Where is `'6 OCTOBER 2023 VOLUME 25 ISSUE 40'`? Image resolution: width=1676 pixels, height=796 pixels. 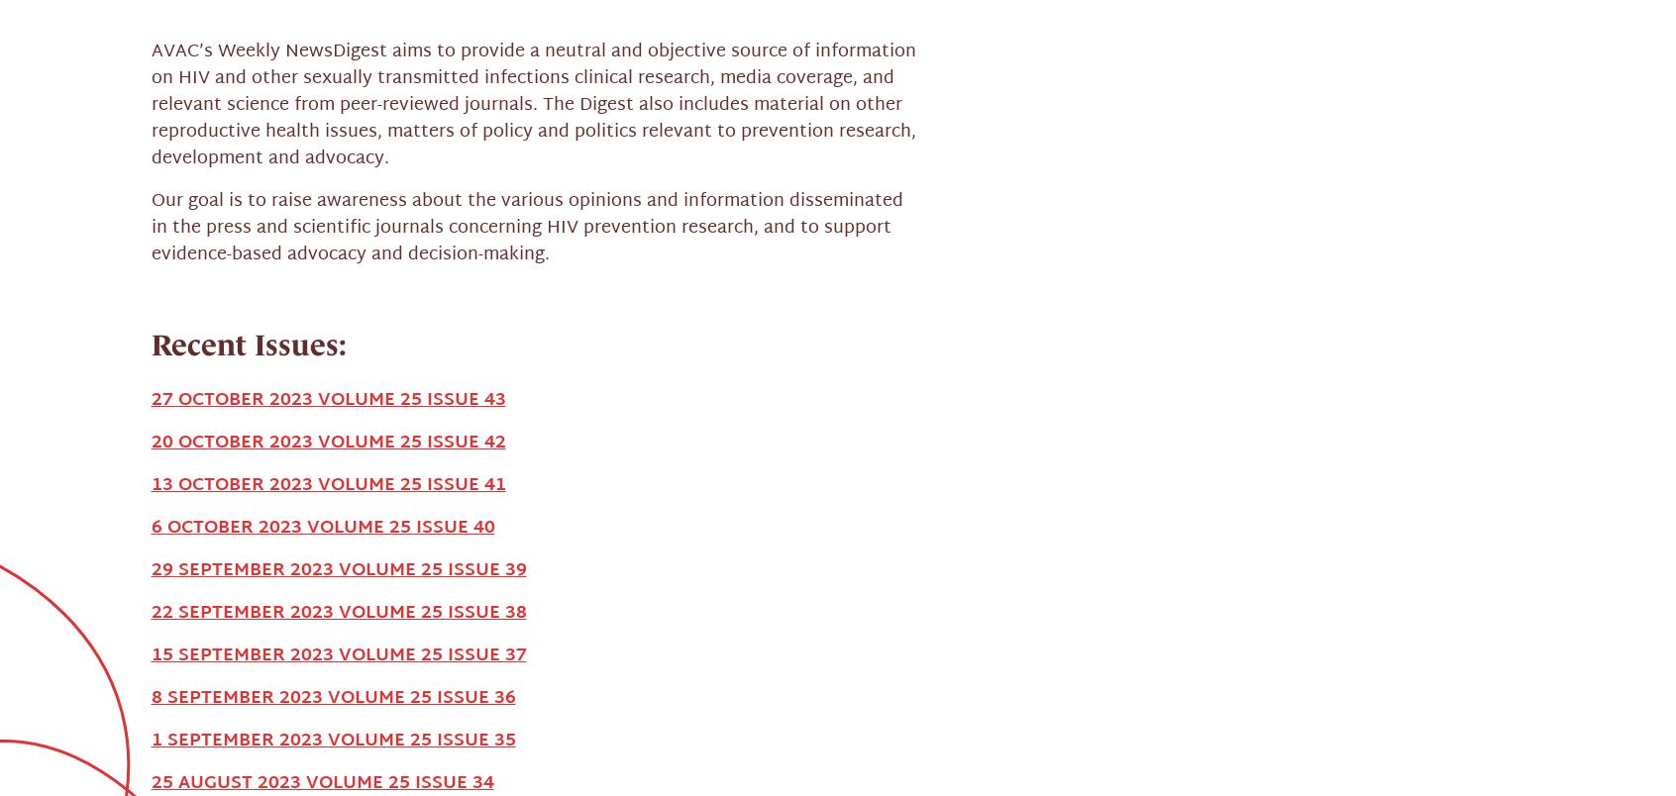 '6 OCTOBER 2023 VOLUME 25 ISSUE 40' is located at coordinates (149, 169).